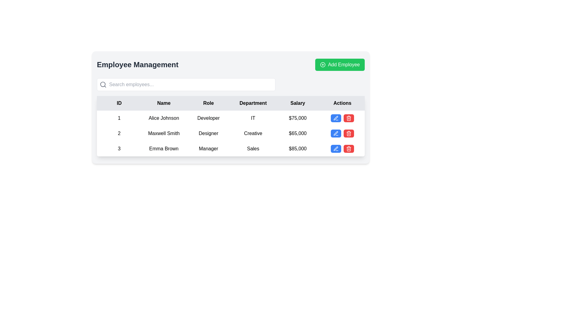 Image resolution: width=587 pixels, height=330 pixels. What do you see at coordinates (349, 118) in the screenshot?
I see `the red delete button with a trash can icon in the Actions column of Emma Brown's row to trigger the tooltip or visual effect` at bounding box center [349, 118].